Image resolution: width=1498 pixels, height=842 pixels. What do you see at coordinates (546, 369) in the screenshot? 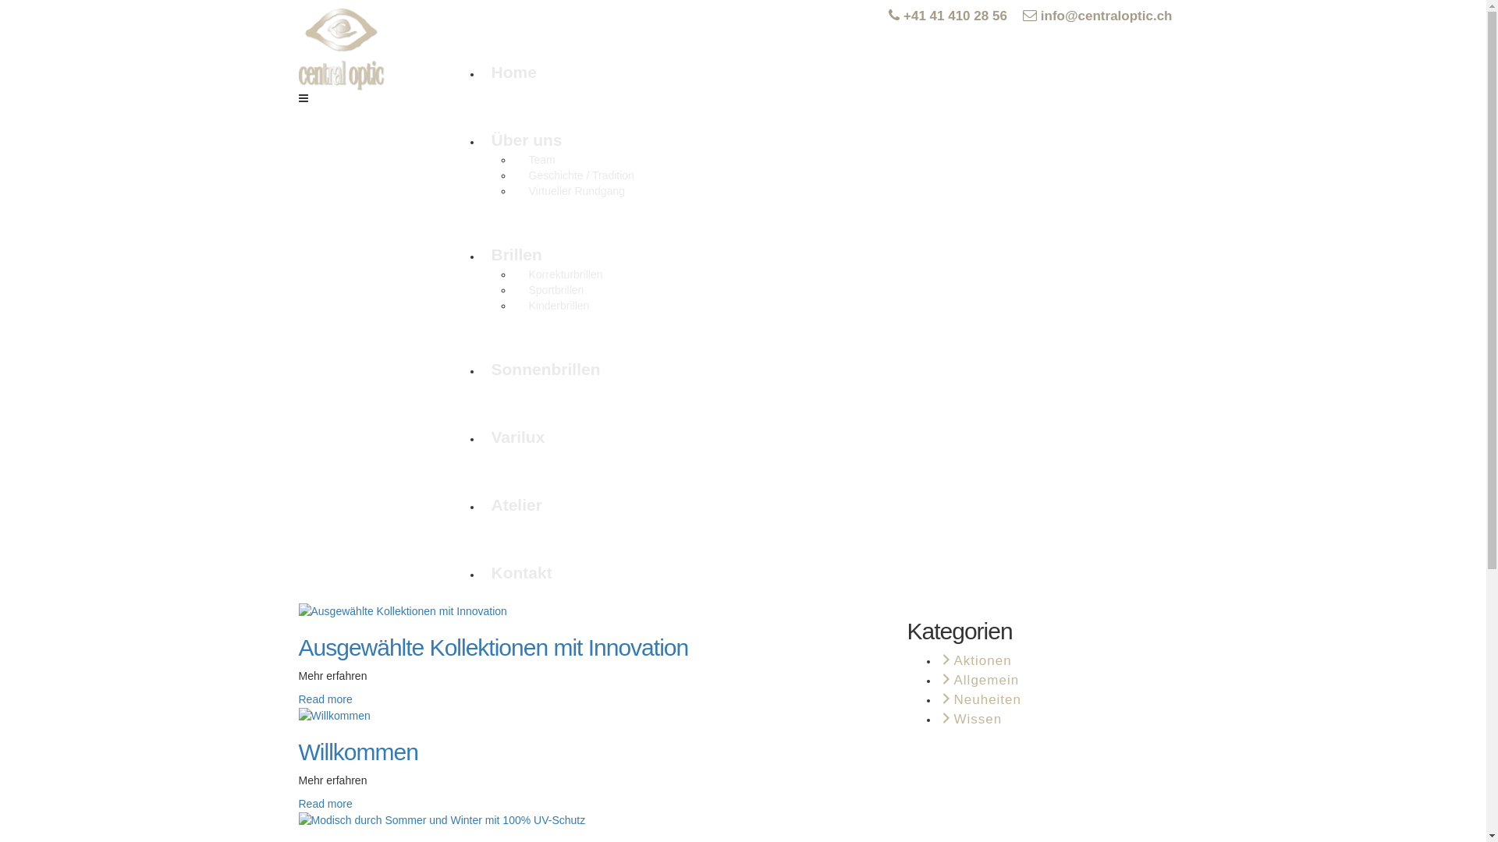
I see `'Sonnenbrillen'` at bounding box center [546, 369].